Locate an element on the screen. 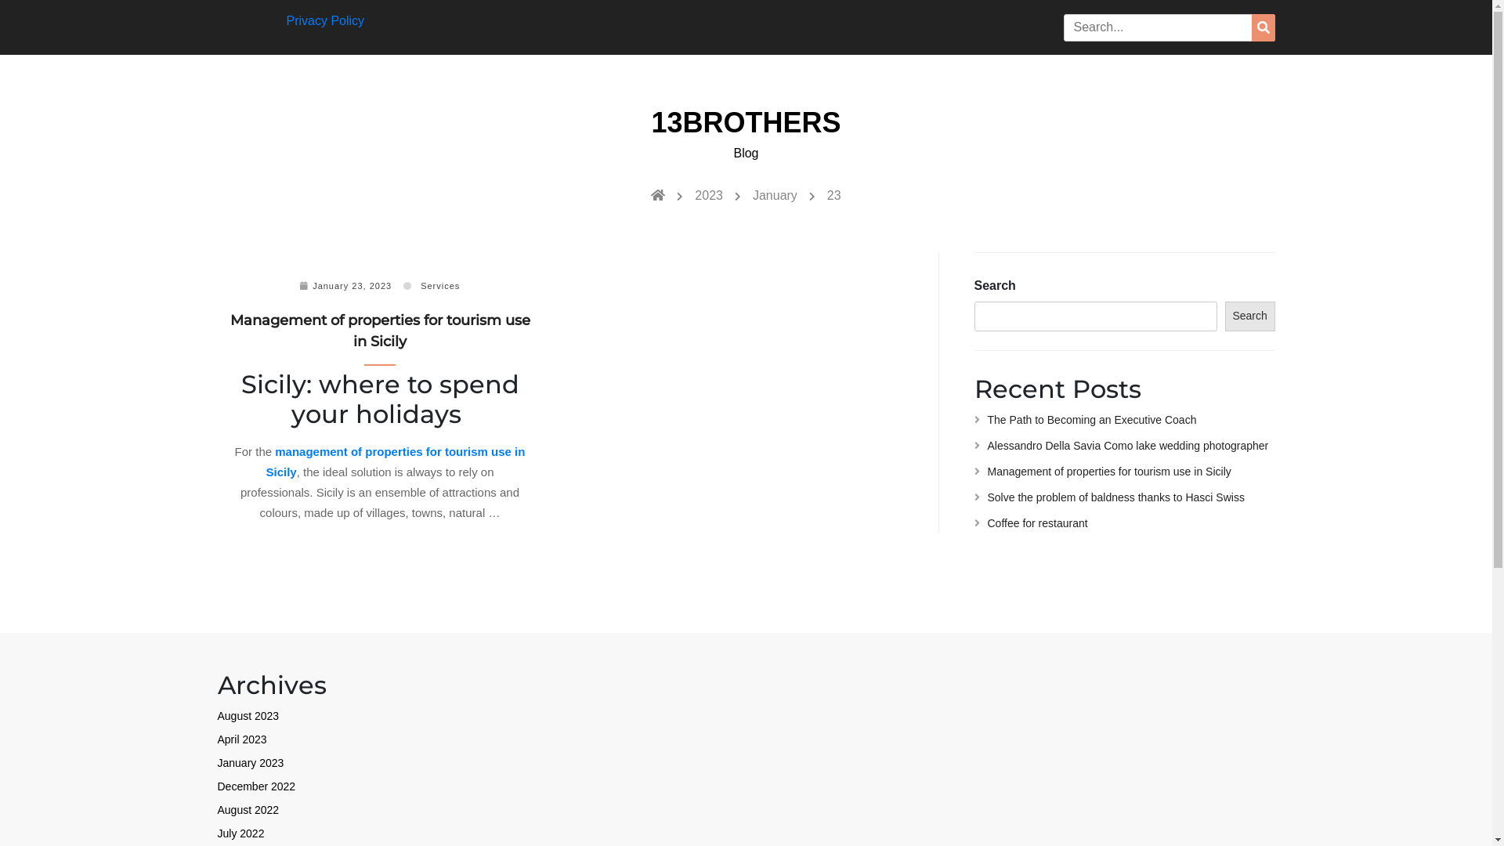 The height and width of the screenshot is (846, 1504). 'The Path to Becoming an Executive Coach' is located at coordinates (1085, 419).